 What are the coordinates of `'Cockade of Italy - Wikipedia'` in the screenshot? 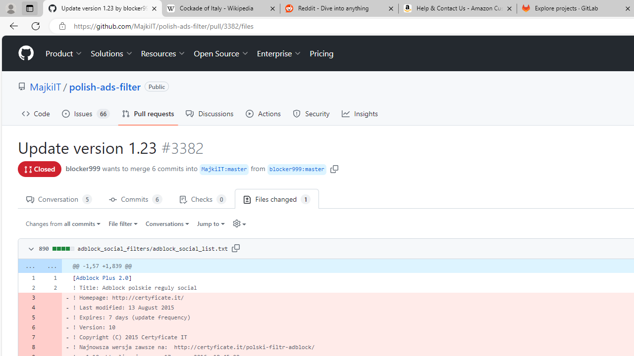 It's located at (220, 8).